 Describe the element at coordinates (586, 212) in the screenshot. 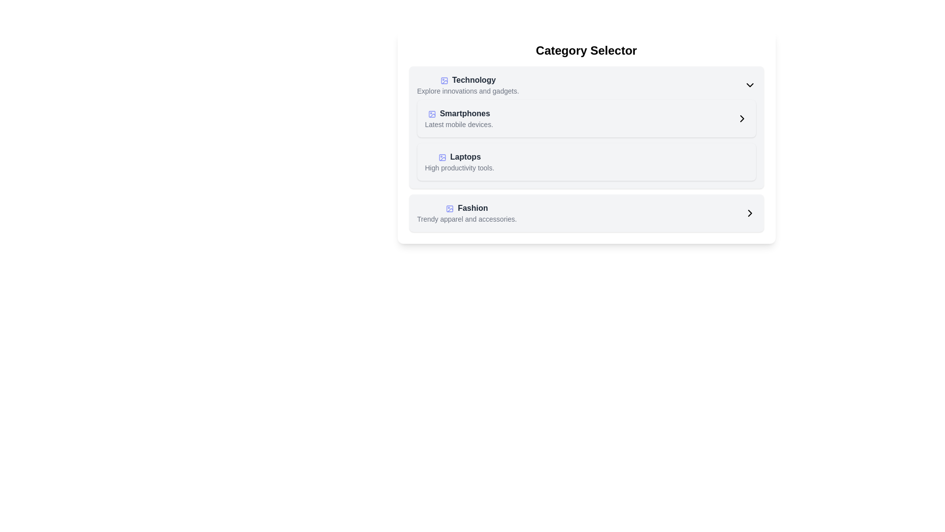

I see `the 'Fashion' category card in the category selector interface` at that location.